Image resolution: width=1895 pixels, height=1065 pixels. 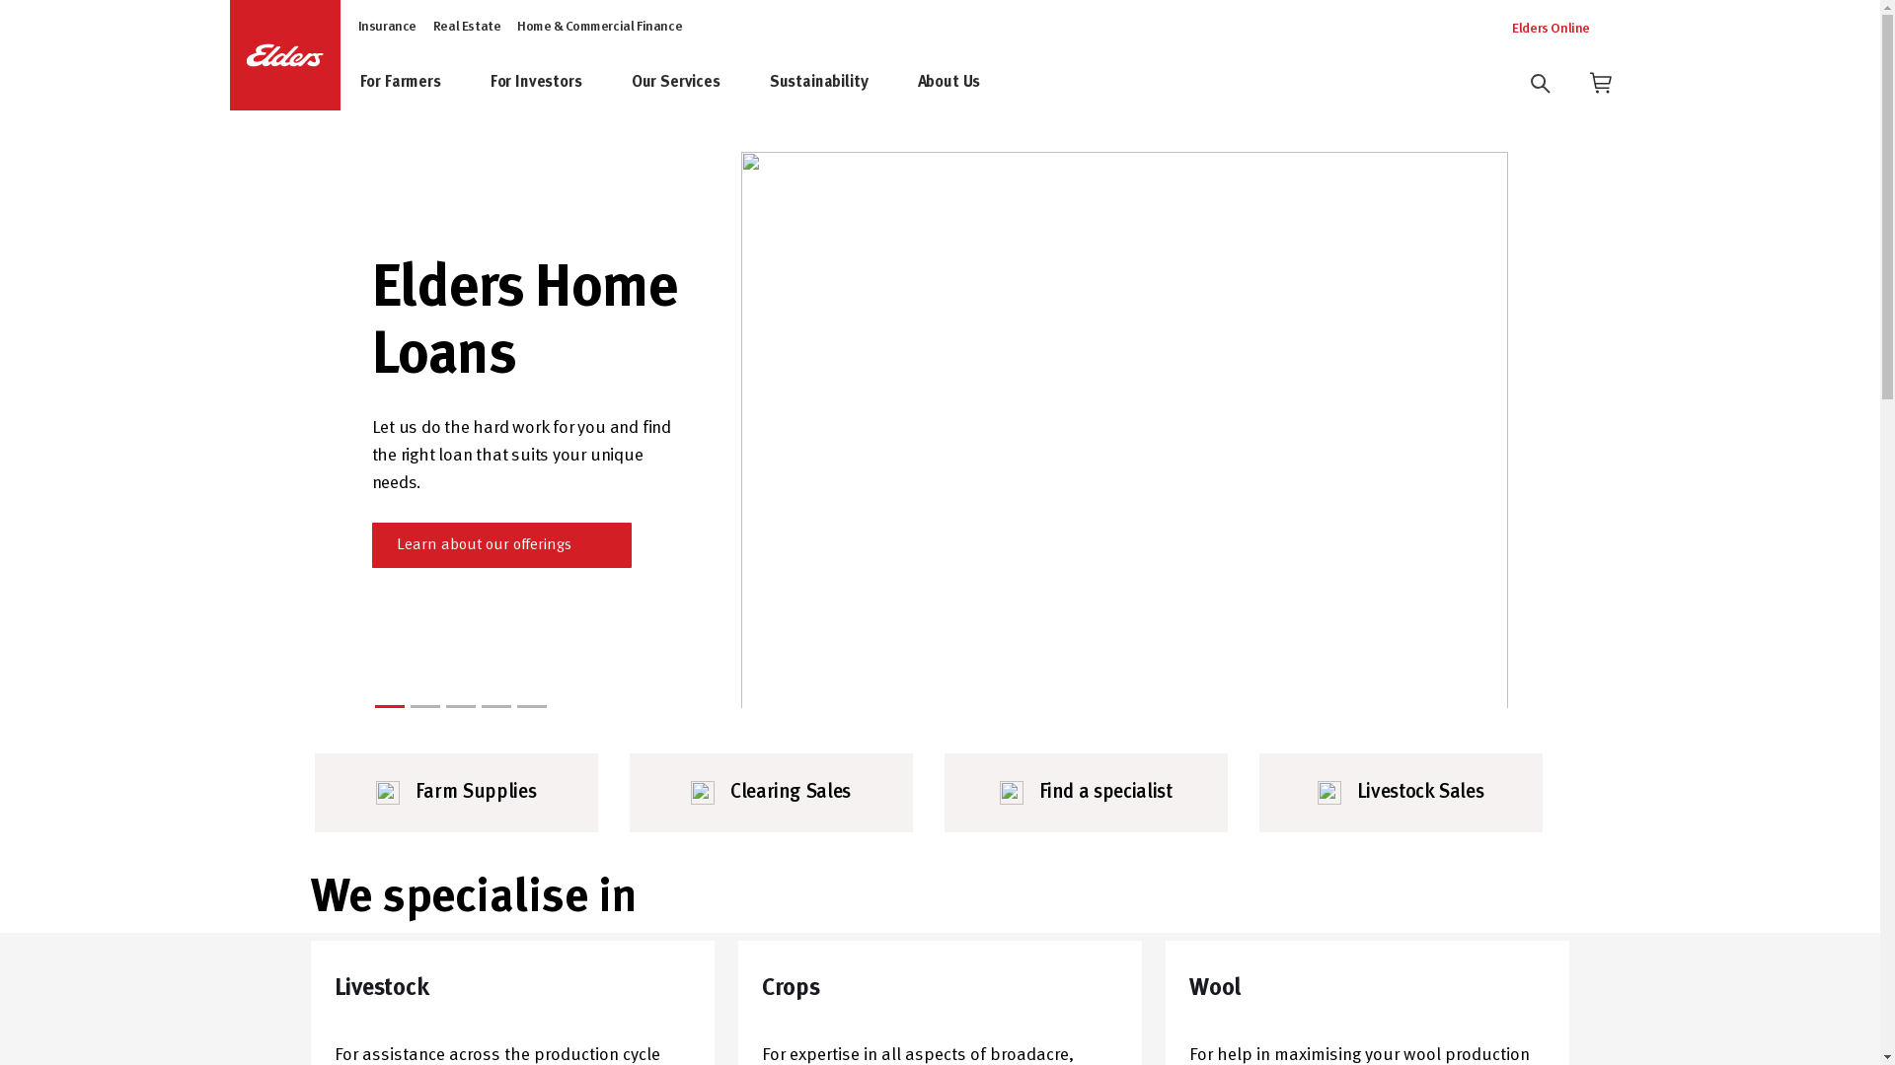 What do you see at coordinates (1487, 428) in the screenshot?
I see `'Next'` at bounding box center [1487, 428].